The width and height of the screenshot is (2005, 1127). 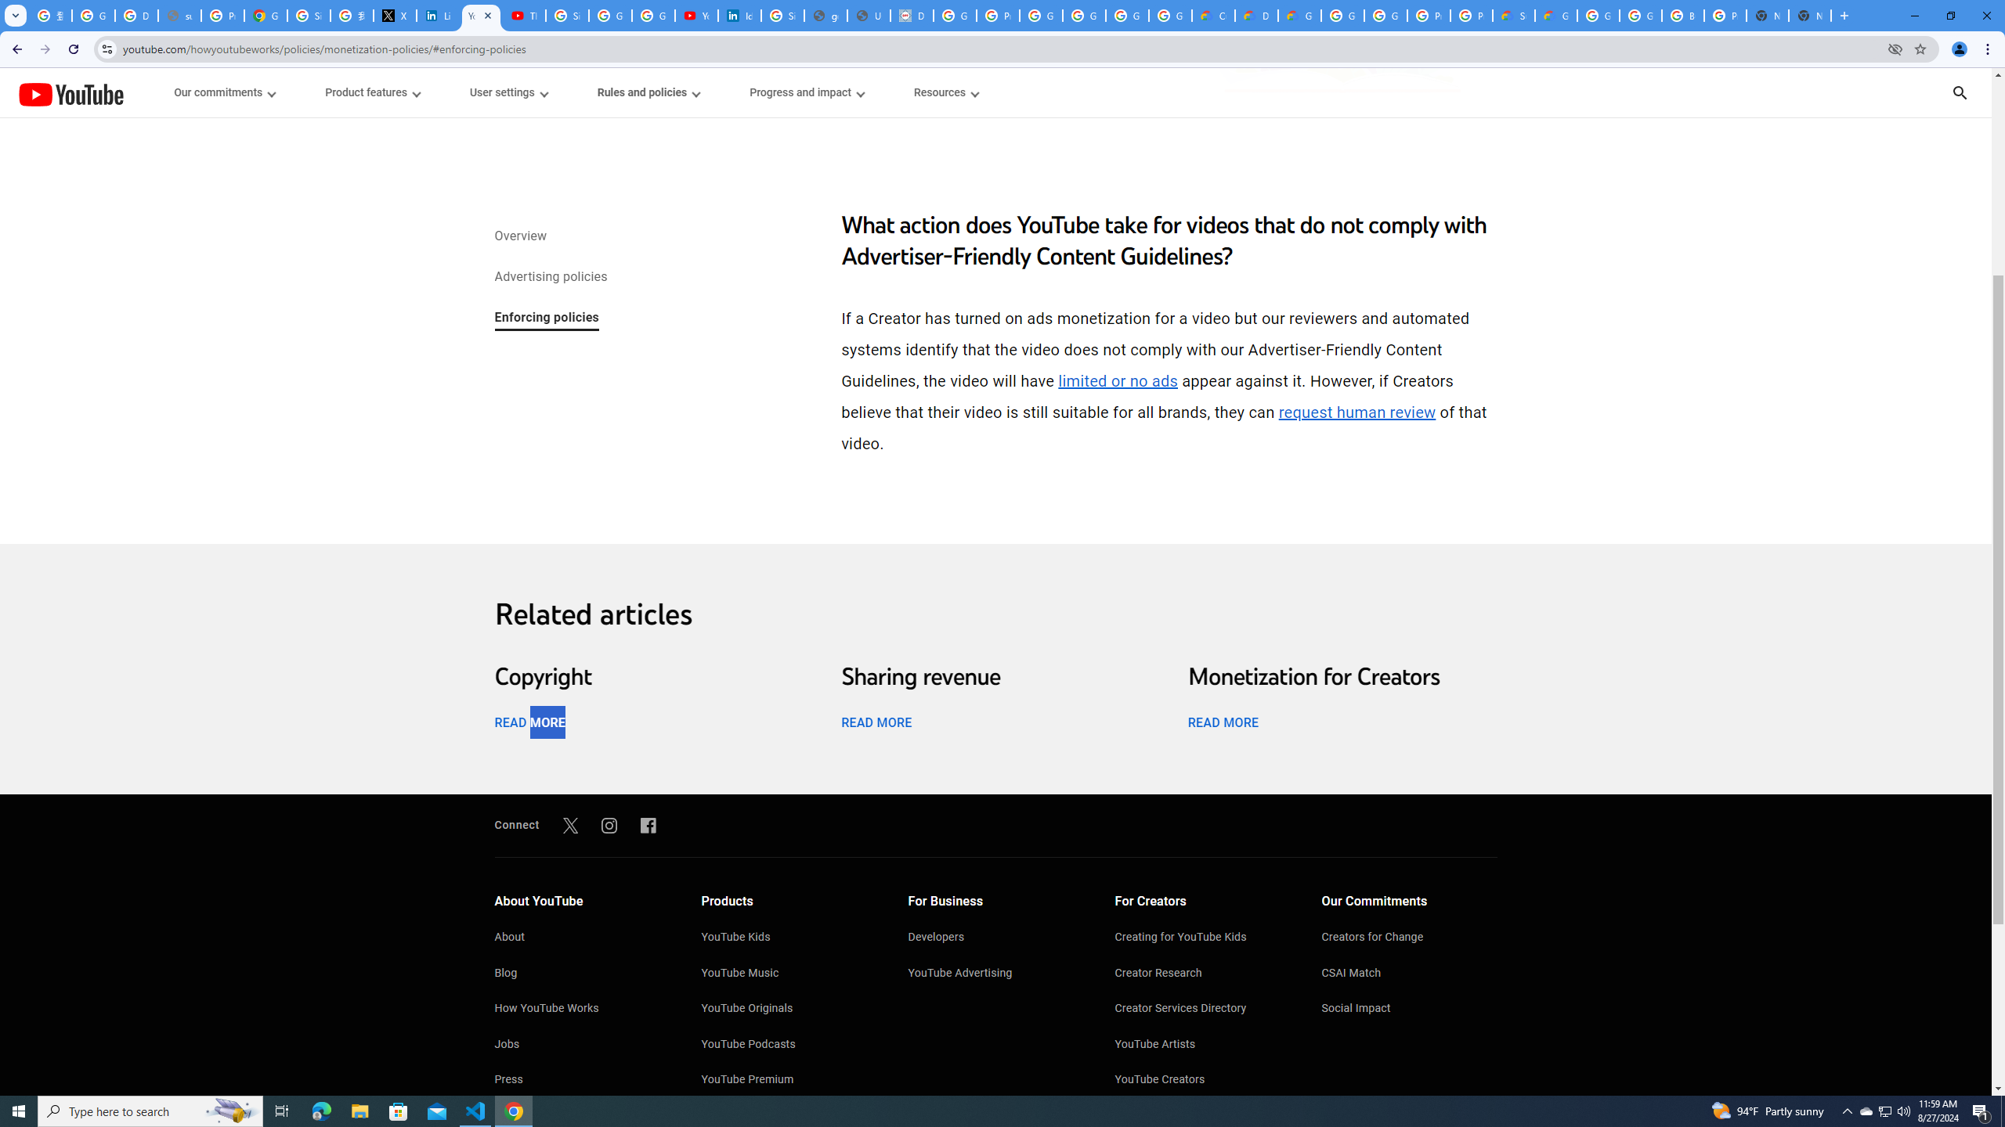 I want to click on 'Progress and impact menupopup', so click(x=807, y=92).